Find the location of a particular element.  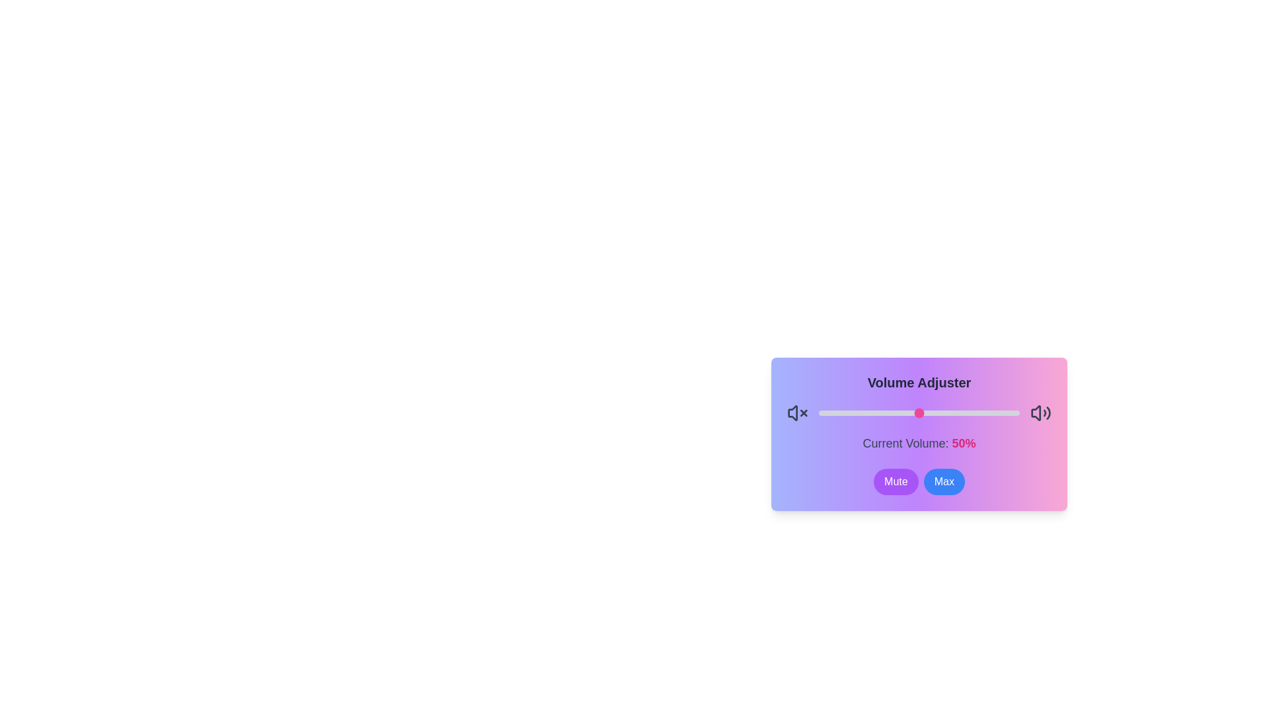

the 'Max' button to set the volume to maximum is located at coordinates (943, 482).